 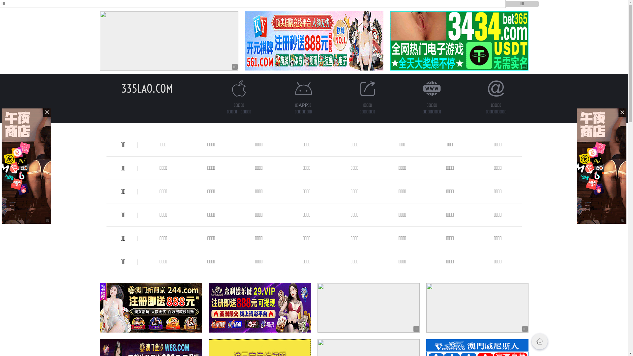 What do you see at coordinates (147, 88) in the screenshot?
I see `'335LAO.COM'` at bounding box center [147, 88].